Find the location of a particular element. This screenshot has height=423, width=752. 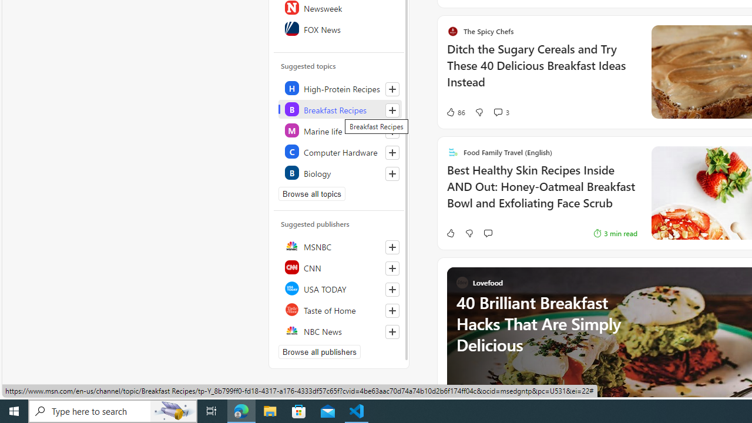

'NBC News' is located at coordinates (339, 331).